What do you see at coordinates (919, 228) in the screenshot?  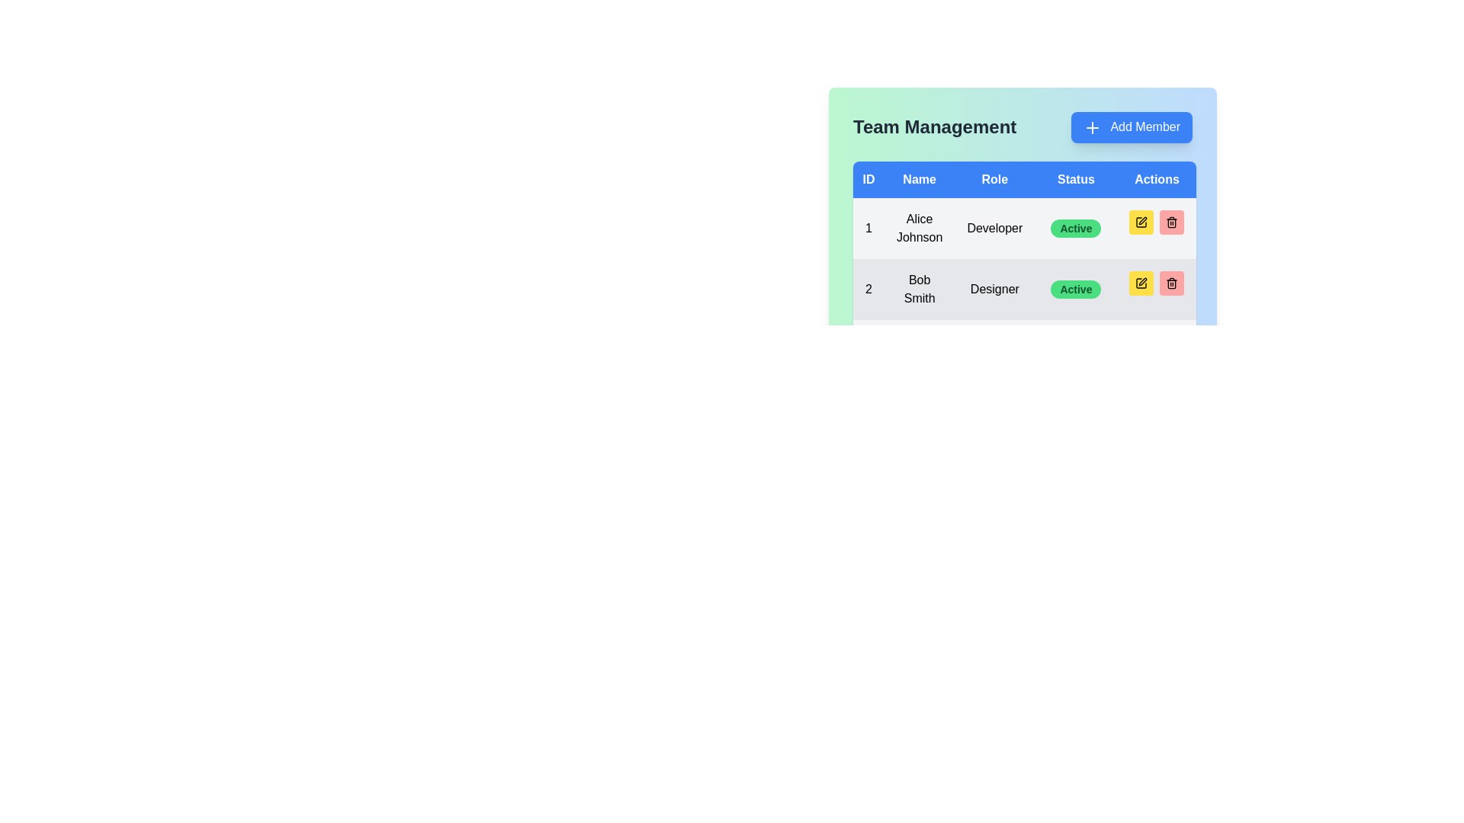 I see `the static text element displaying 'Alice Johnson' in bold, located in the second column of the first row of the 'Team Management' data table` at bounding box center [919, 228].